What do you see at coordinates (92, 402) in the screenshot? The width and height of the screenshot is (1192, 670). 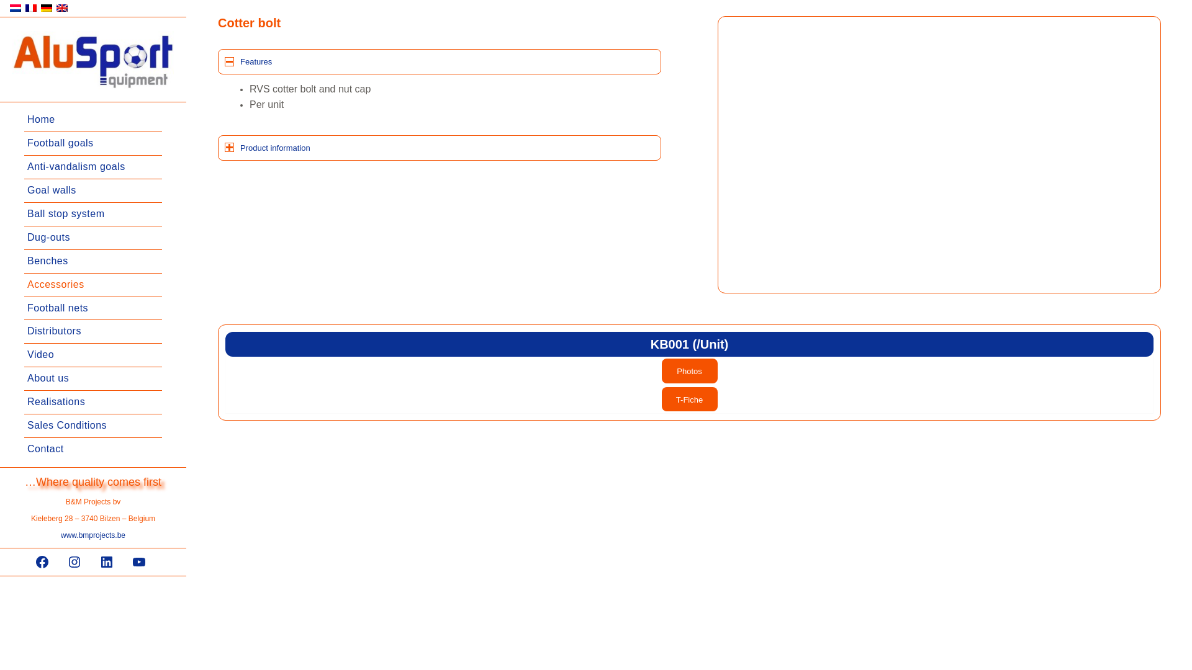 I see `'Realisations'` at bounding box center [92, 402].